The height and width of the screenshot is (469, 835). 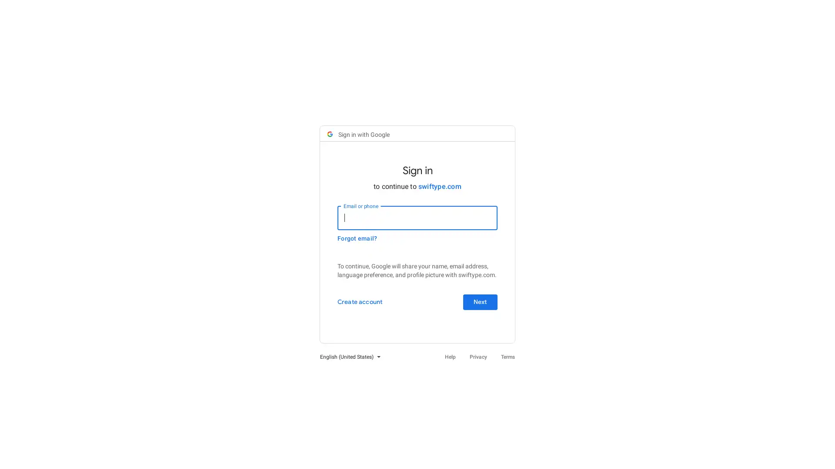 I want to click on swiftype.com, so click(x=439, y=185).